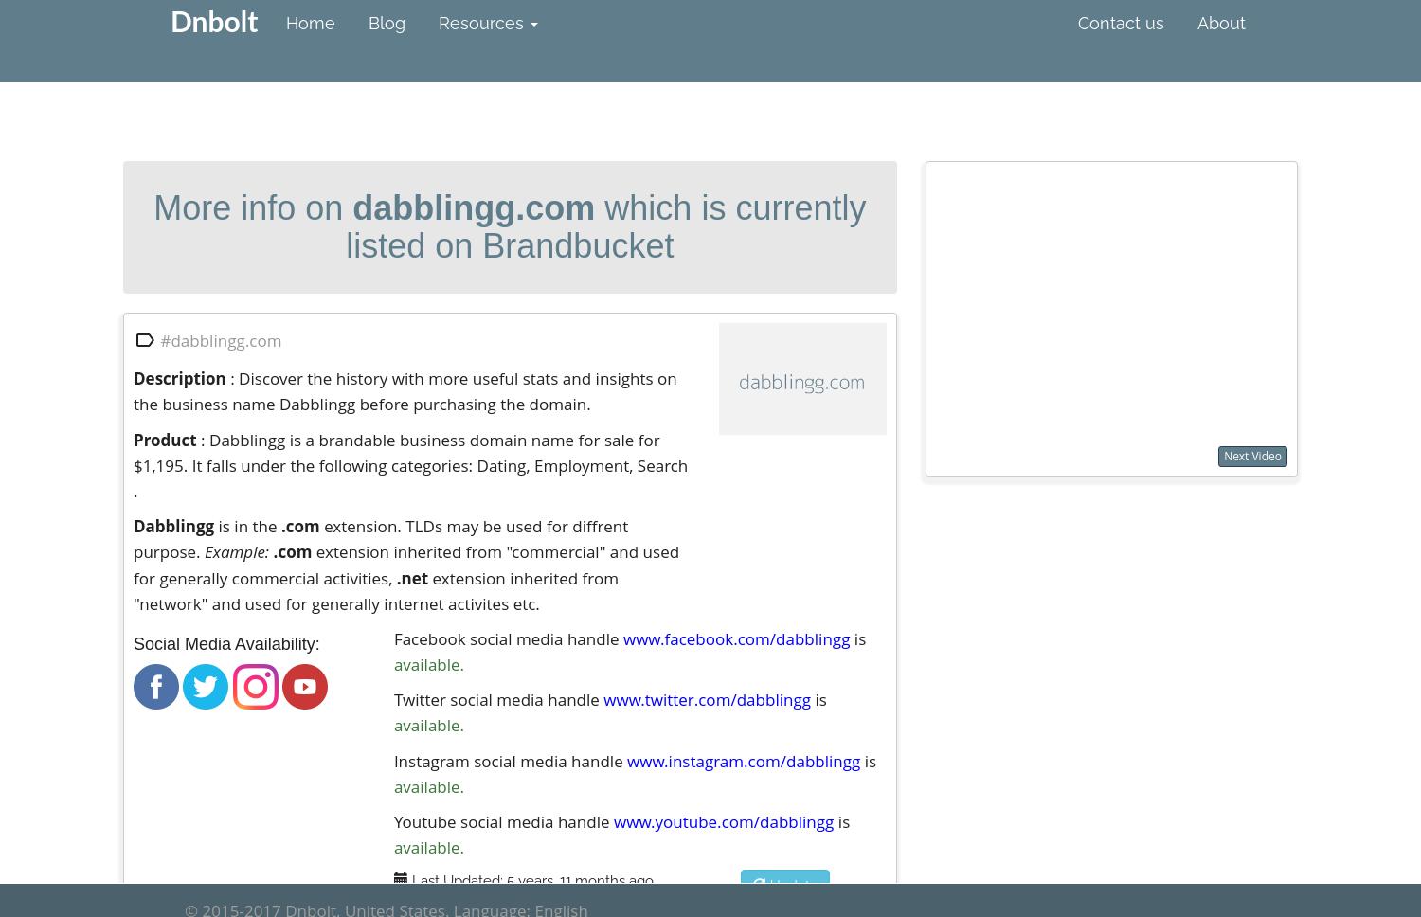  What do you see at coordinates (510, 759) in the screenshot?
I see `'Instagram social media handle'` at bounding box center [510, 759].